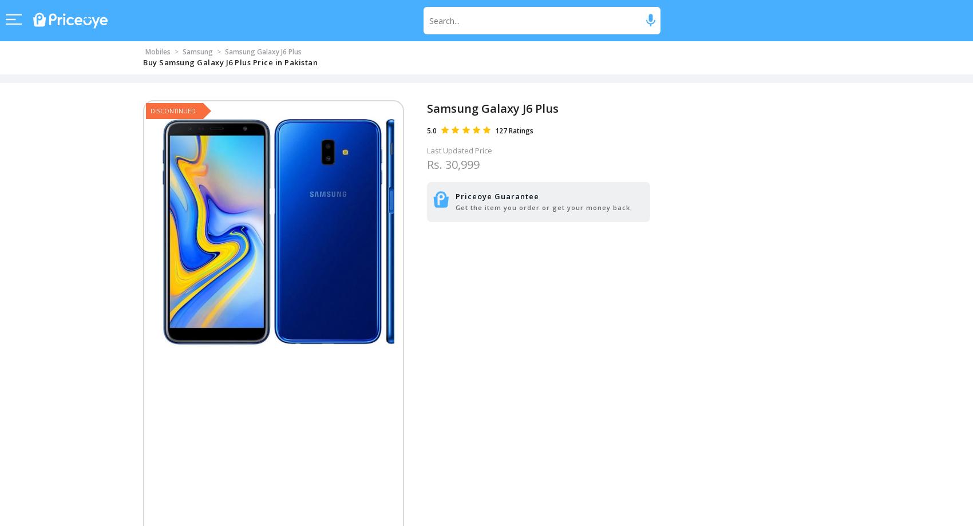 The height and width of the screenshot is (526, 973). I want to click on 'Rs. 30,999', so click(453, 164).